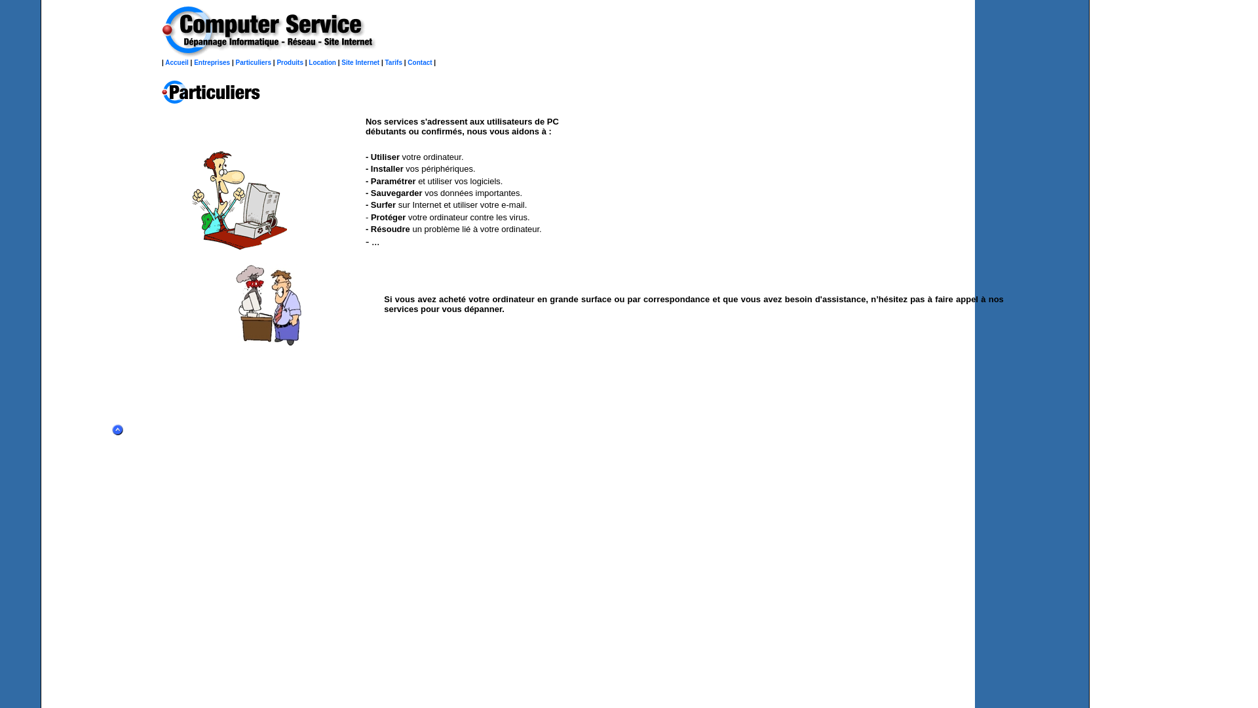 The height and width of the screenshot is (708, 1258). I want to click on 'Particuliers', so click(254, 62).